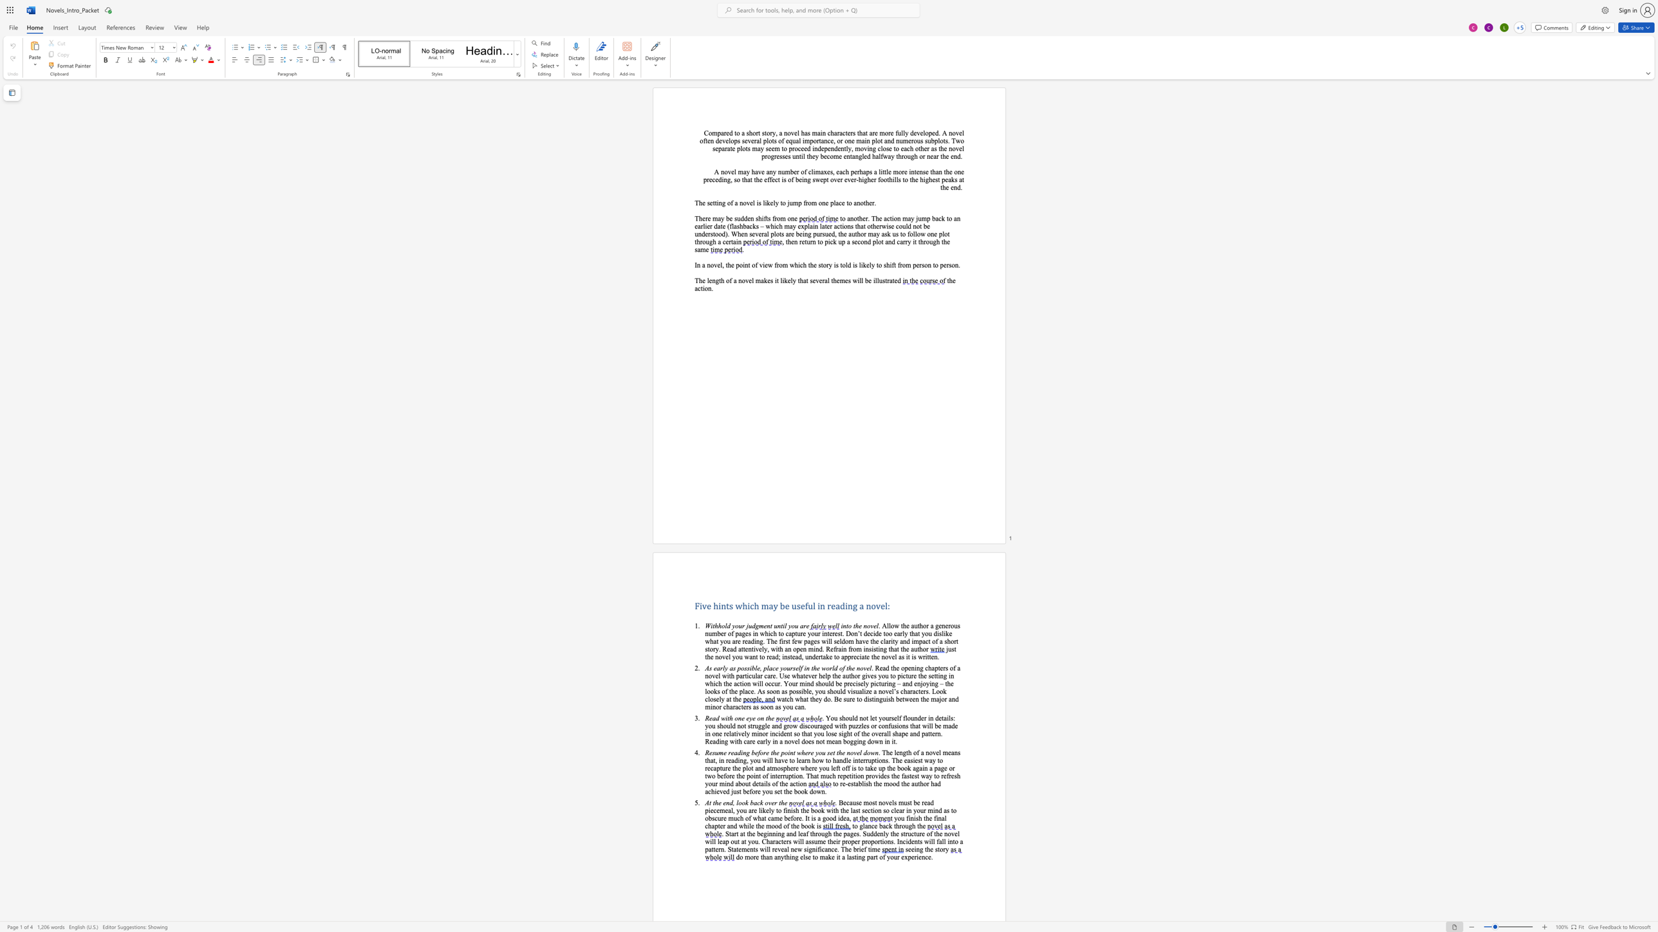 This screenshot has width=1658, height=932. I want to click on the 1th character "f" in the text, so click(765, 218).